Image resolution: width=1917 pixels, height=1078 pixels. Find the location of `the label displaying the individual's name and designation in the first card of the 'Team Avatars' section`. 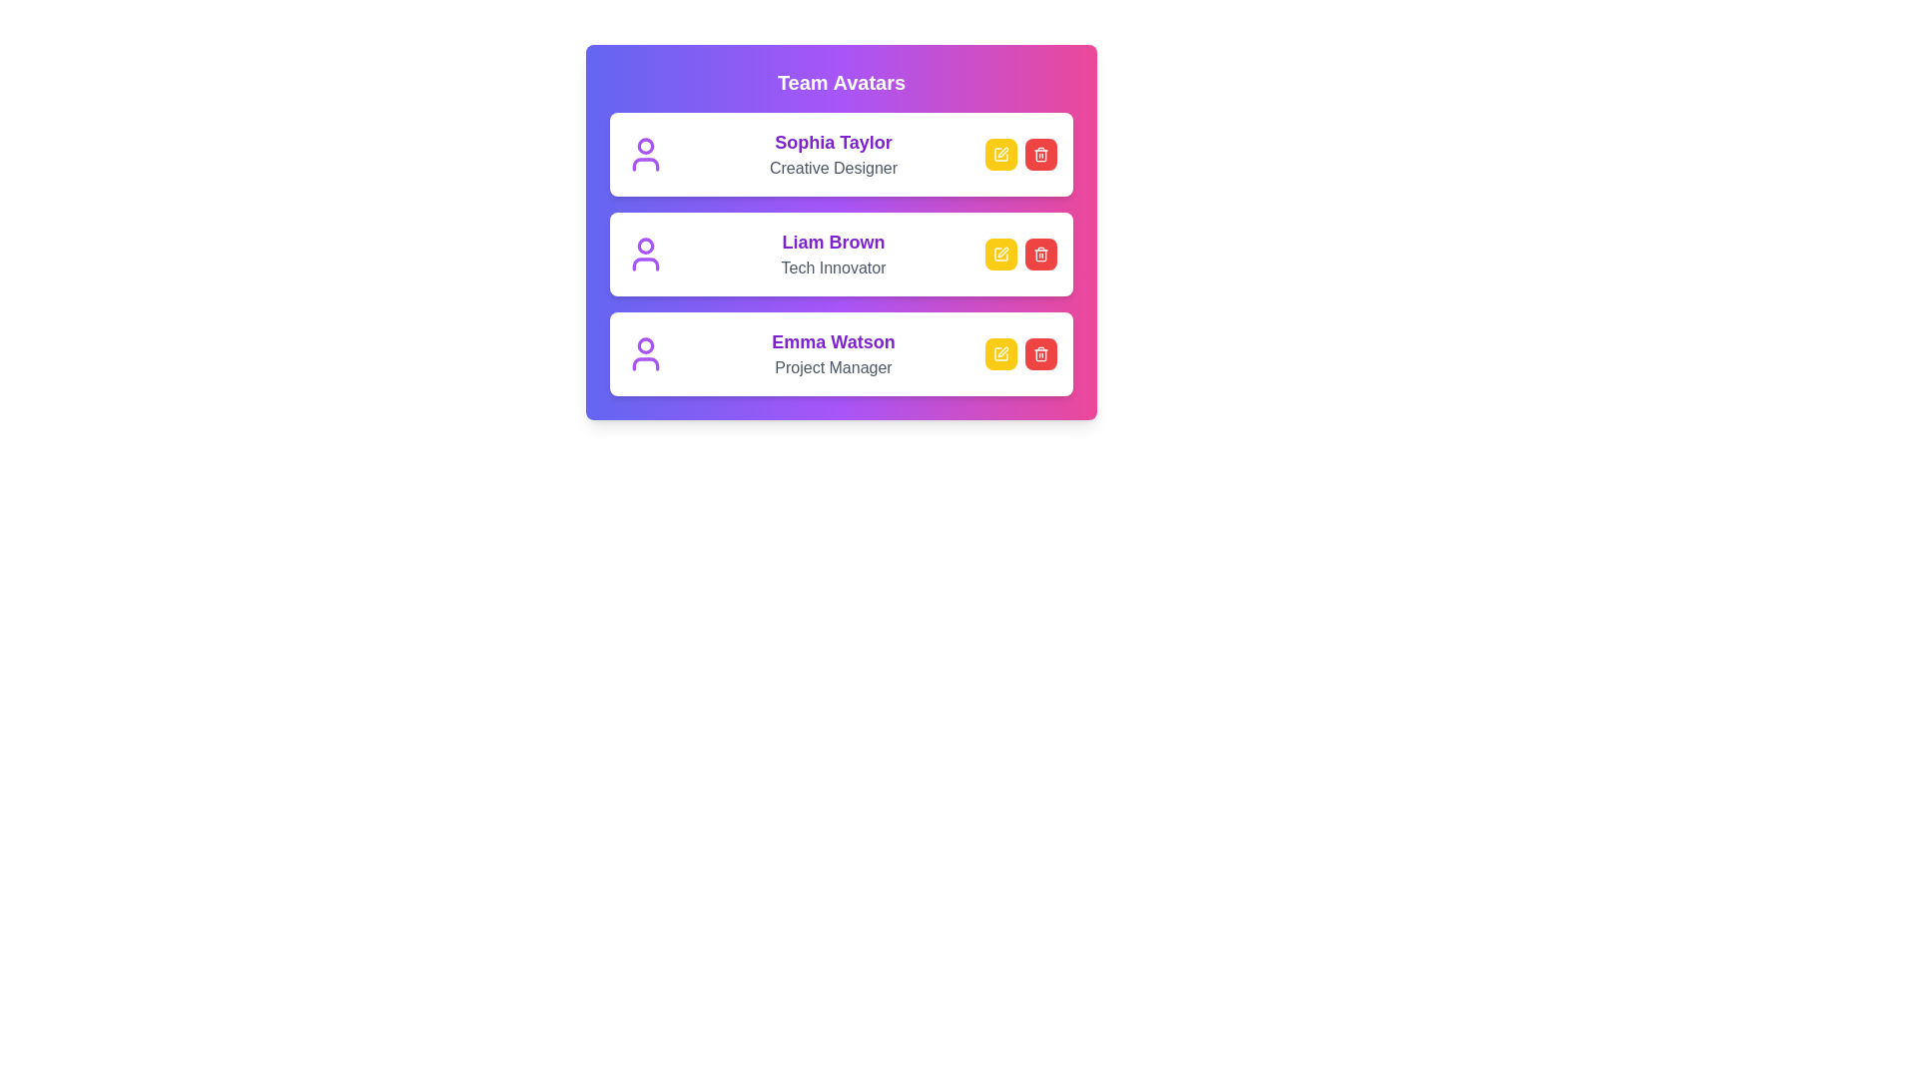

the label displaying the individual's name and designation in the first card of the 'Team Avatars' section is located at coordinates (834, 153).